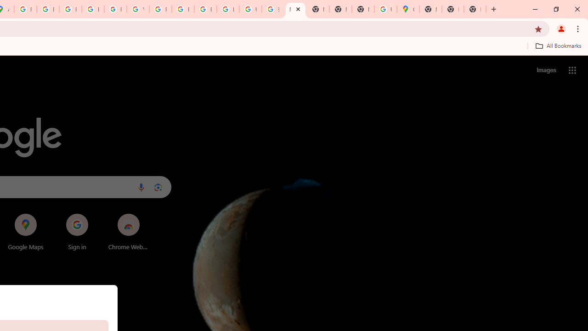 Image resolution: width=588 pixels, height=331 pixels. I want to click on 'Privacy Help Center - Policies Help', so click(47, 9).